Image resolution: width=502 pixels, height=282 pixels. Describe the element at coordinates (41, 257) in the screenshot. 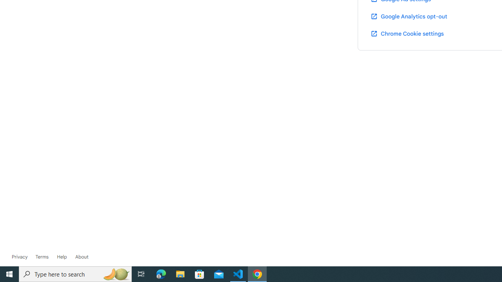

I see `'Terms'` at that location.